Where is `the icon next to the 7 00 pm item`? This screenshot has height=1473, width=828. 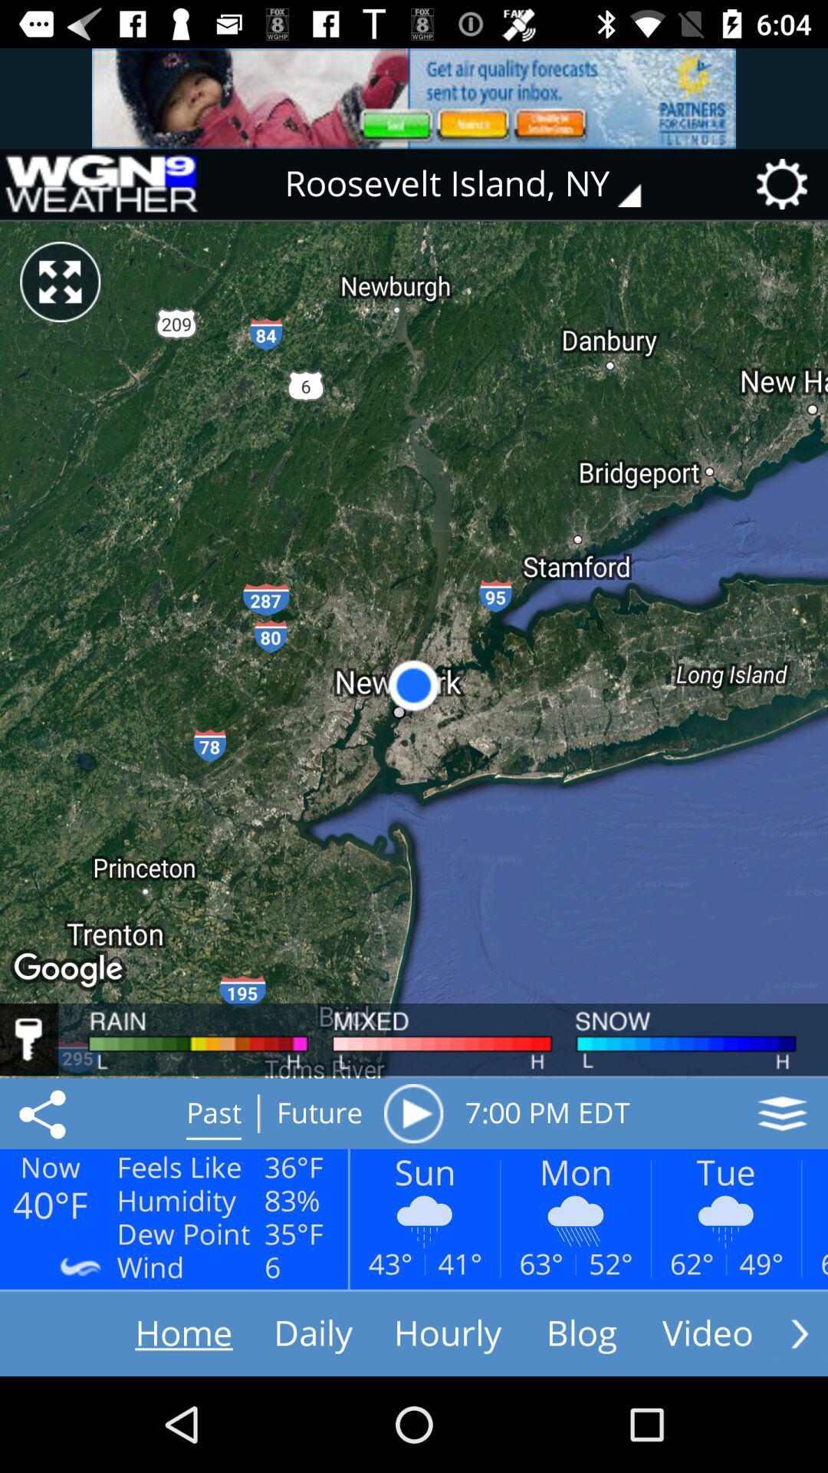 the icon next to the 7 00 pm item is located at coordinates (782, 1113).